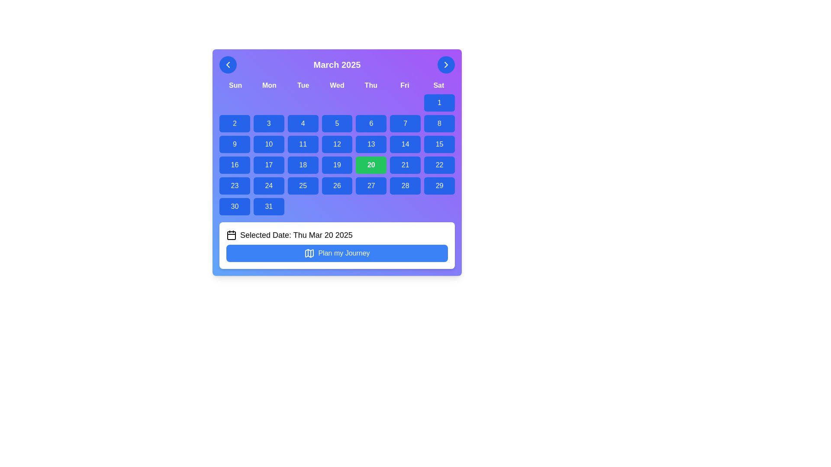 This screenshot has height=467, width=831. What do you see at coordinates (371, 185) in the screenshot?
I see `the selectable date button in the calendar interface located in the sixth column of the fifth row` at bounding box center [371, 185].